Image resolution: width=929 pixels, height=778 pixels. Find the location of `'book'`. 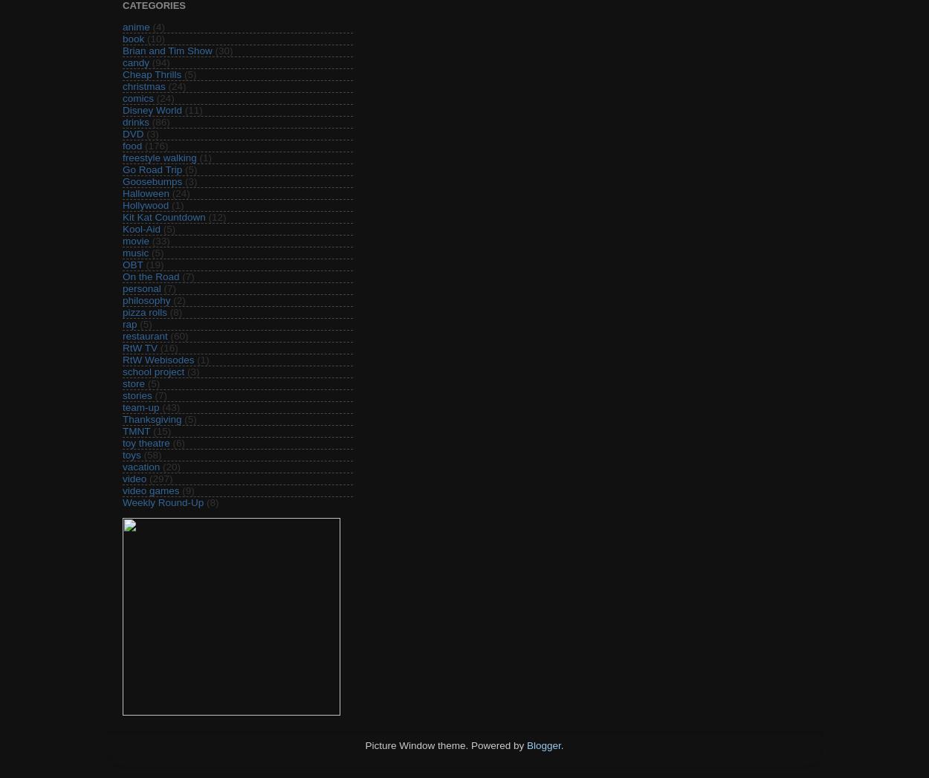

'book' is located at coordinates (123, 38).